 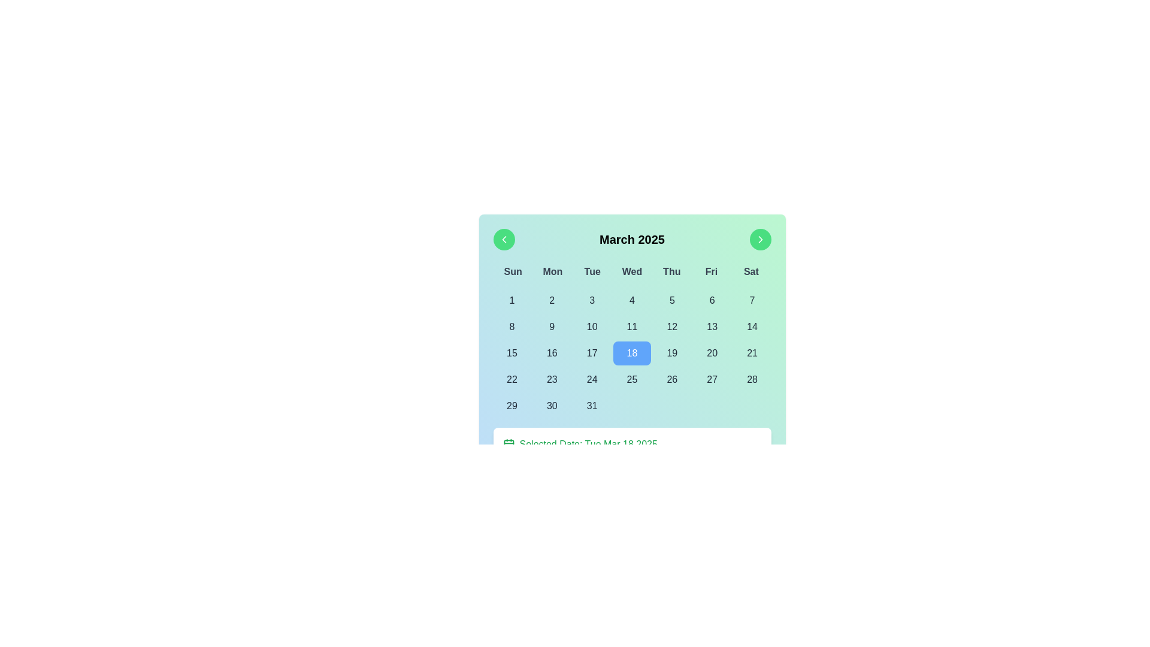 What do you see at coordinates (672, 327) in the screenshot?
I see `the button labeled '12' in gray font located in the second row and fifth column of the March 2025 calendar grid` at bounding box center [672, 327].